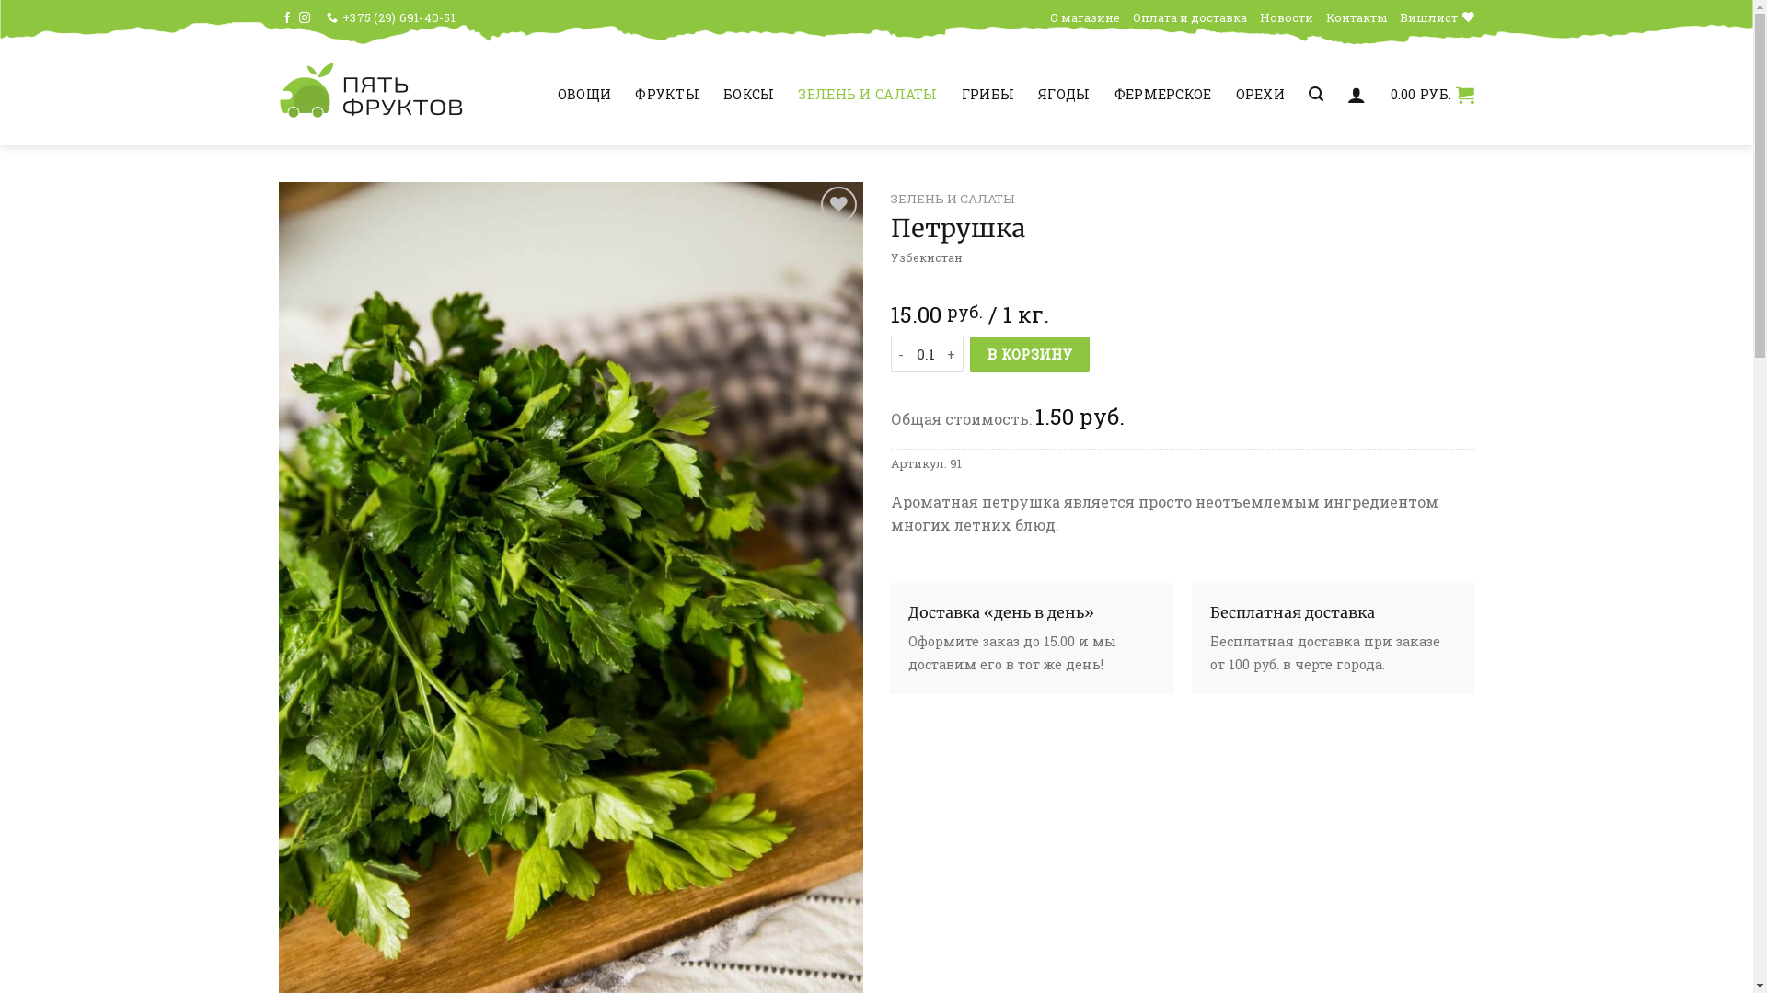 Image resolution: width=1767 pixels, height=993 pixels. What do you see at coordinates (0, 0) in the screenshot?
I see `'Skip to content'` at bounding box center [0, 0].